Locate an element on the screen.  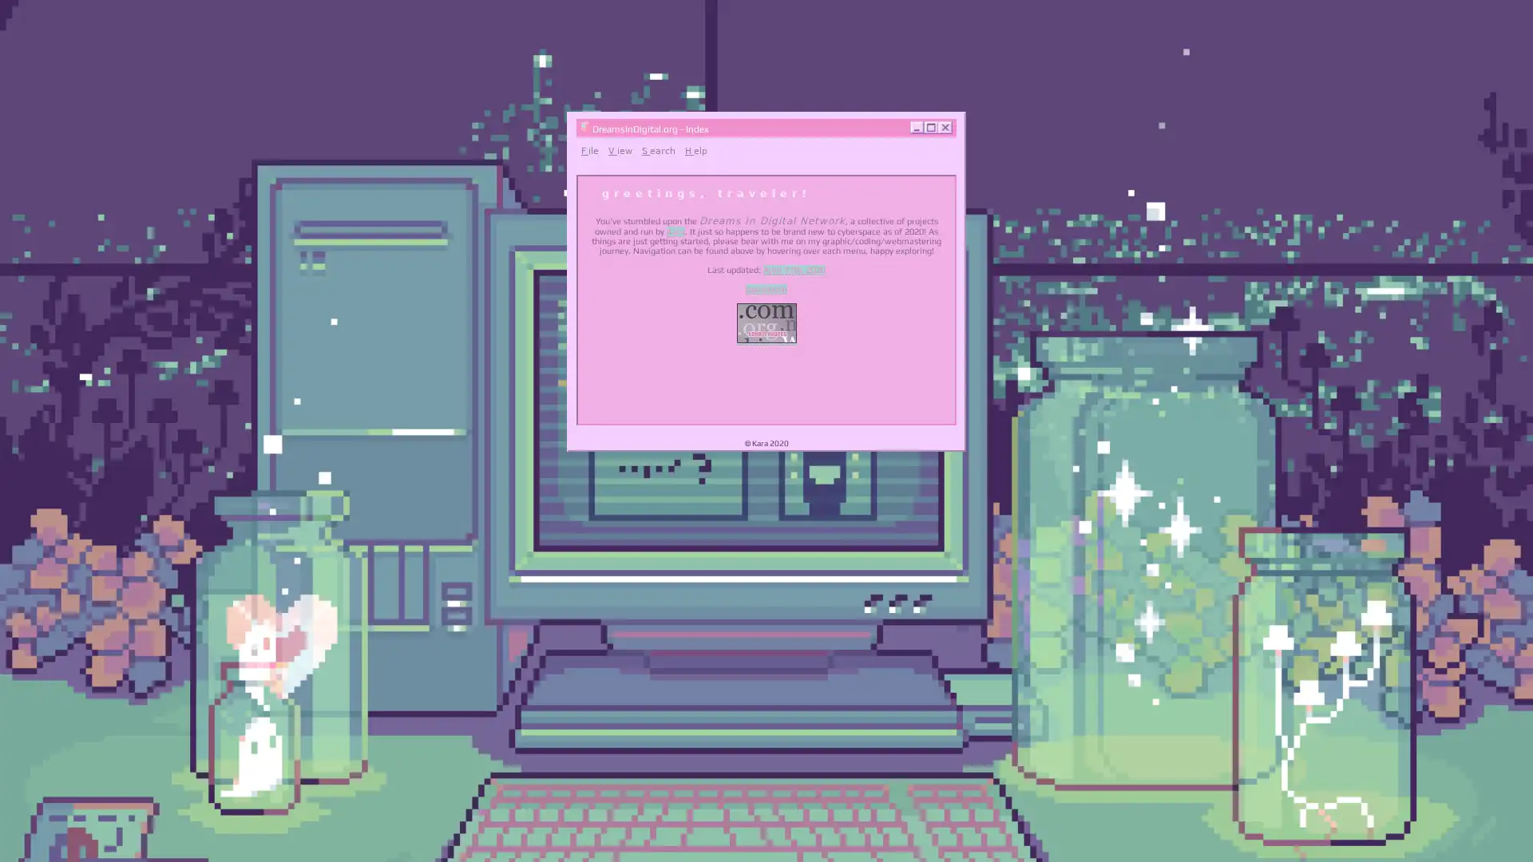
File is located at coordinates (589, 151).